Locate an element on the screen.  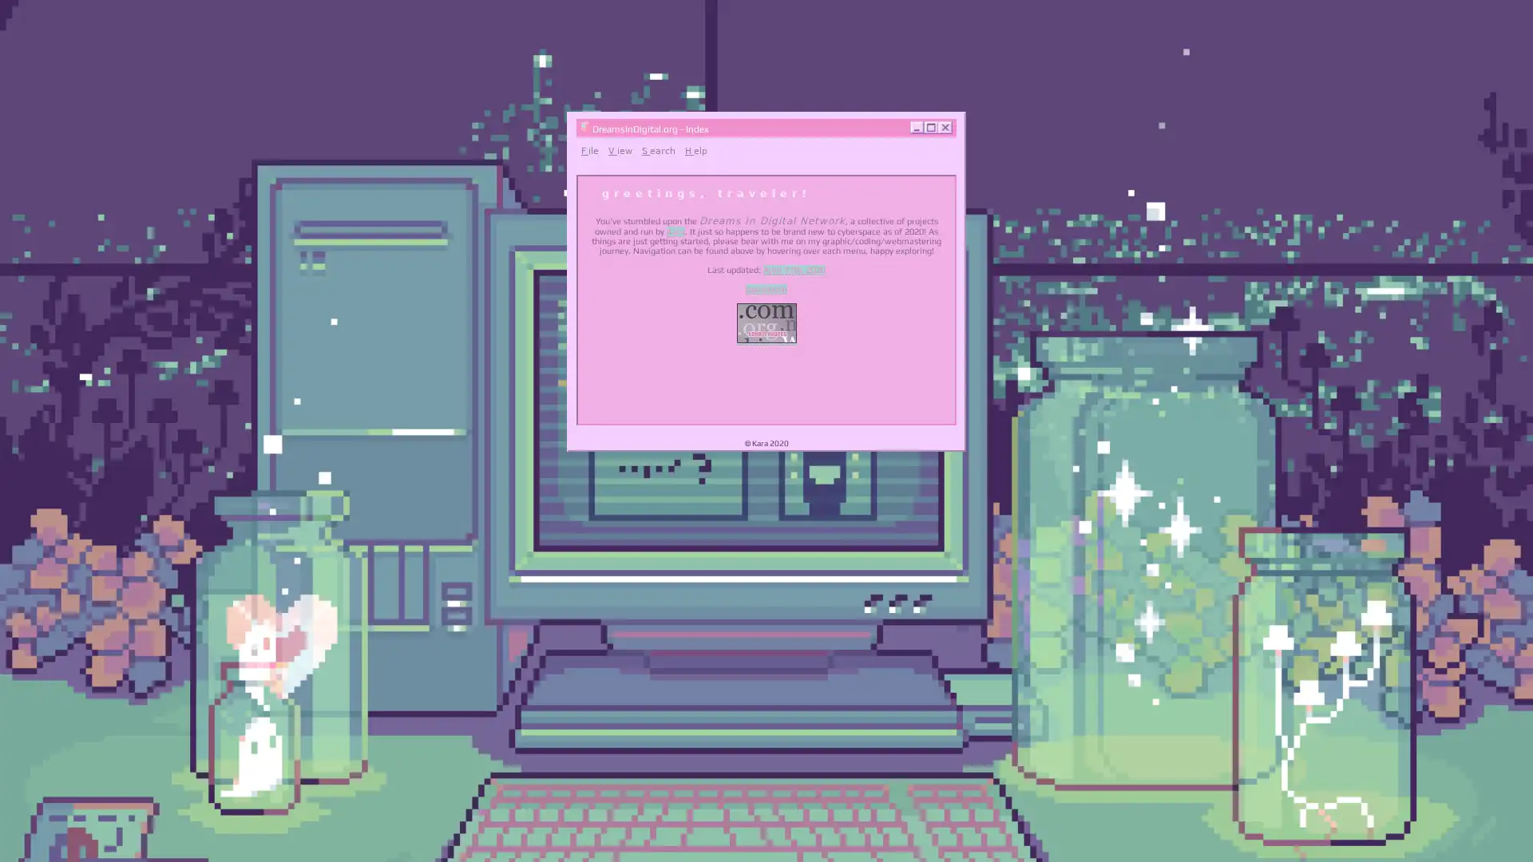
File is located at coordinates (589, 151).